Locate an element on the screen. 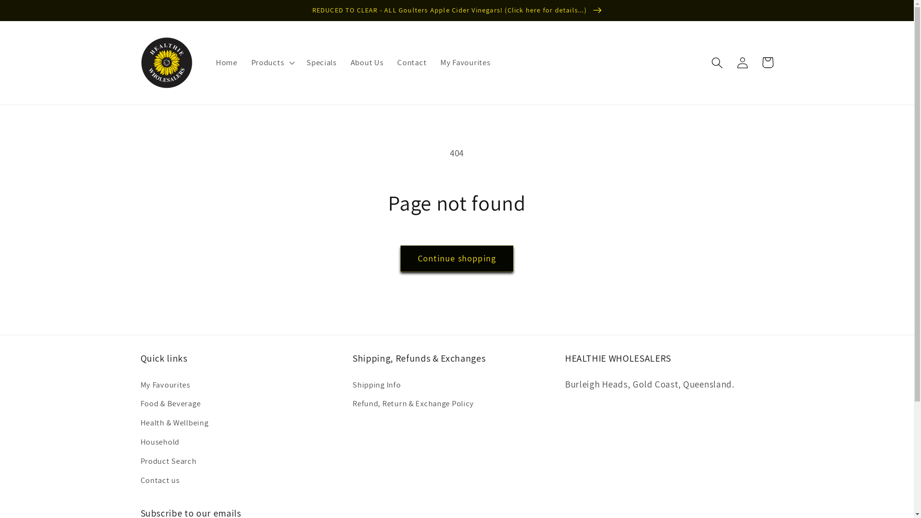  'Refund, Return & Exchange Policy' is located at coordinates (413, 403).